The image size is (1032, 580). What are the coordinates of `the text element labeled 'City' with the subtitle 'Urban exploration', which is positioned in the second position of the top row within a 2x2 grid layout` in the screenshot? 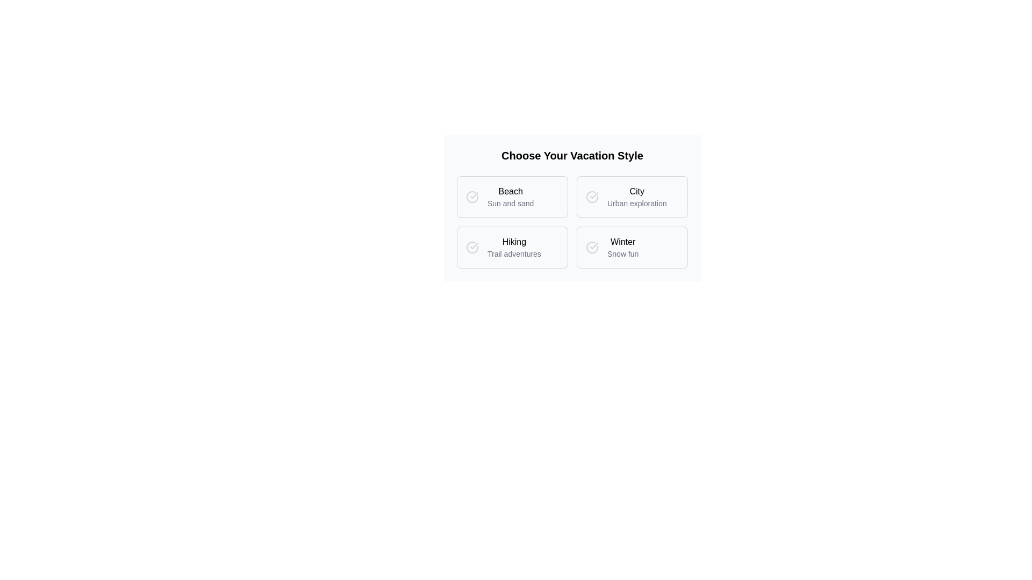 It's located at (637, 197).